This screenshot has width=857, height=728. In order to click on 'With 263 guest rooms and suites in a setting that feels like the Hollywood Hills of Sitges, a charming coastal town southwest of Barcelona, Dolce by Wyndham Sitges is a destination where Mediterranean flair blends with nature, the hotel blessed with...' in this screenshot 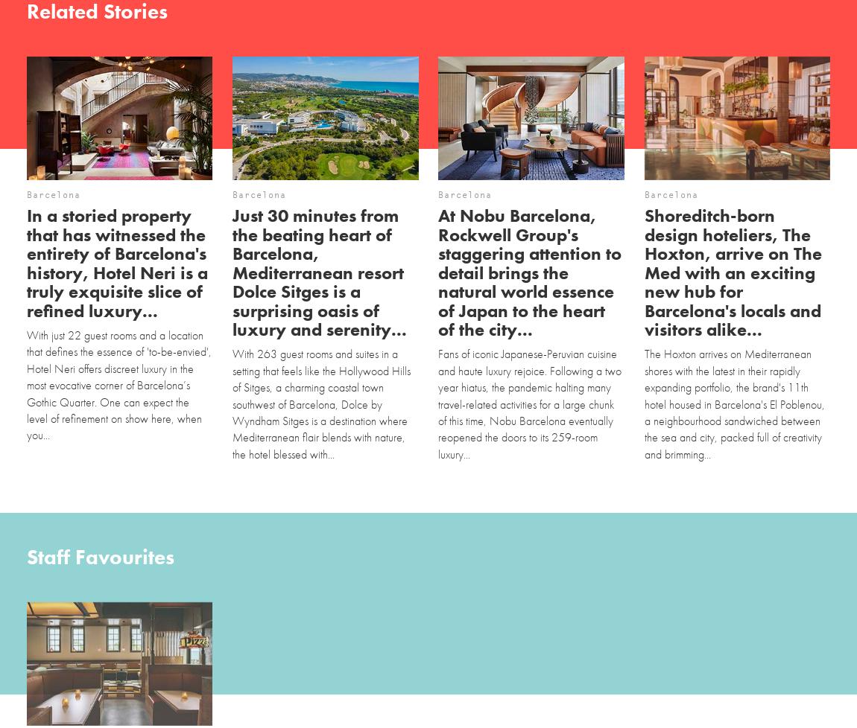, I will do `click(321, 403)`.